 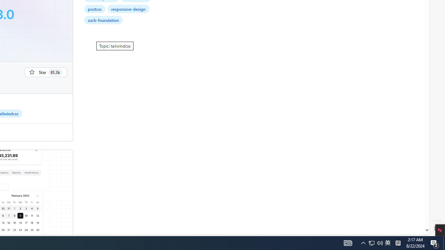 I want to click on 'postcss', so click(x=94, y=9).